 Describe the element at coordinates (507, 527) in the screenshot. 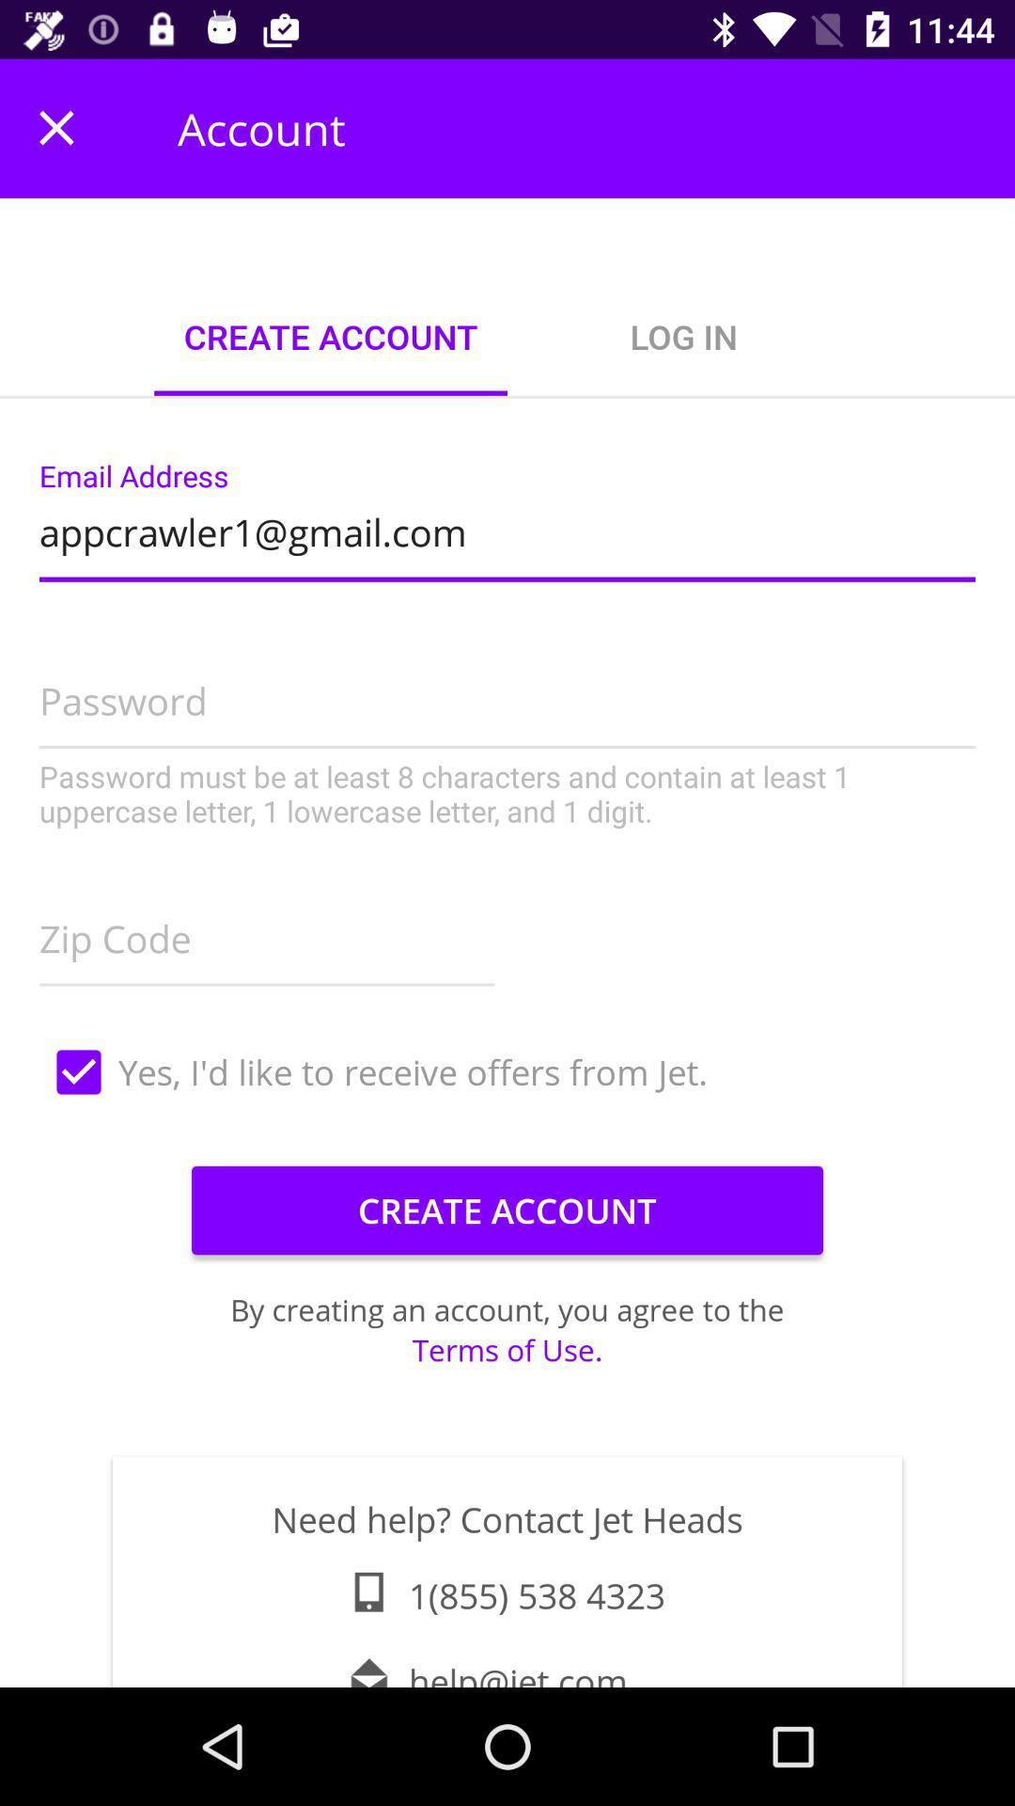

I see `the appcrawler1@gmail.com icon` at that location.